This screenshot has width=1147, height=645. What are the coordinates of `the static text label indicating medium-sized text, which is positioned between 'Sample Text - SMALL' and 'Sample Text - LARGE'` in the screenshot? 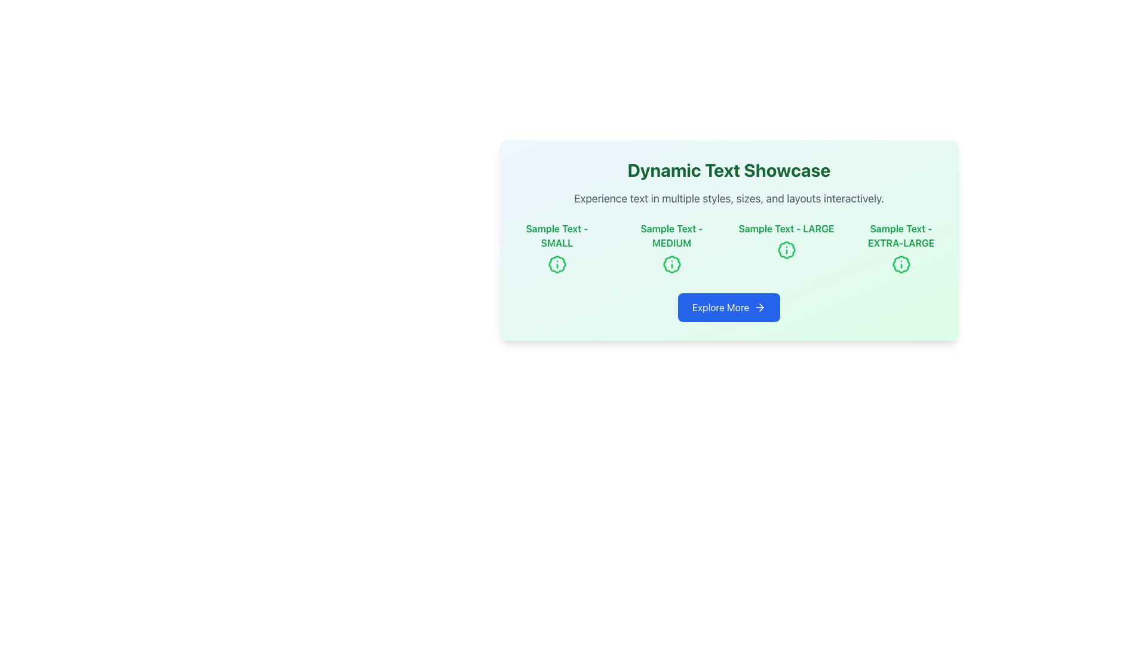 It's located at (671, 235).